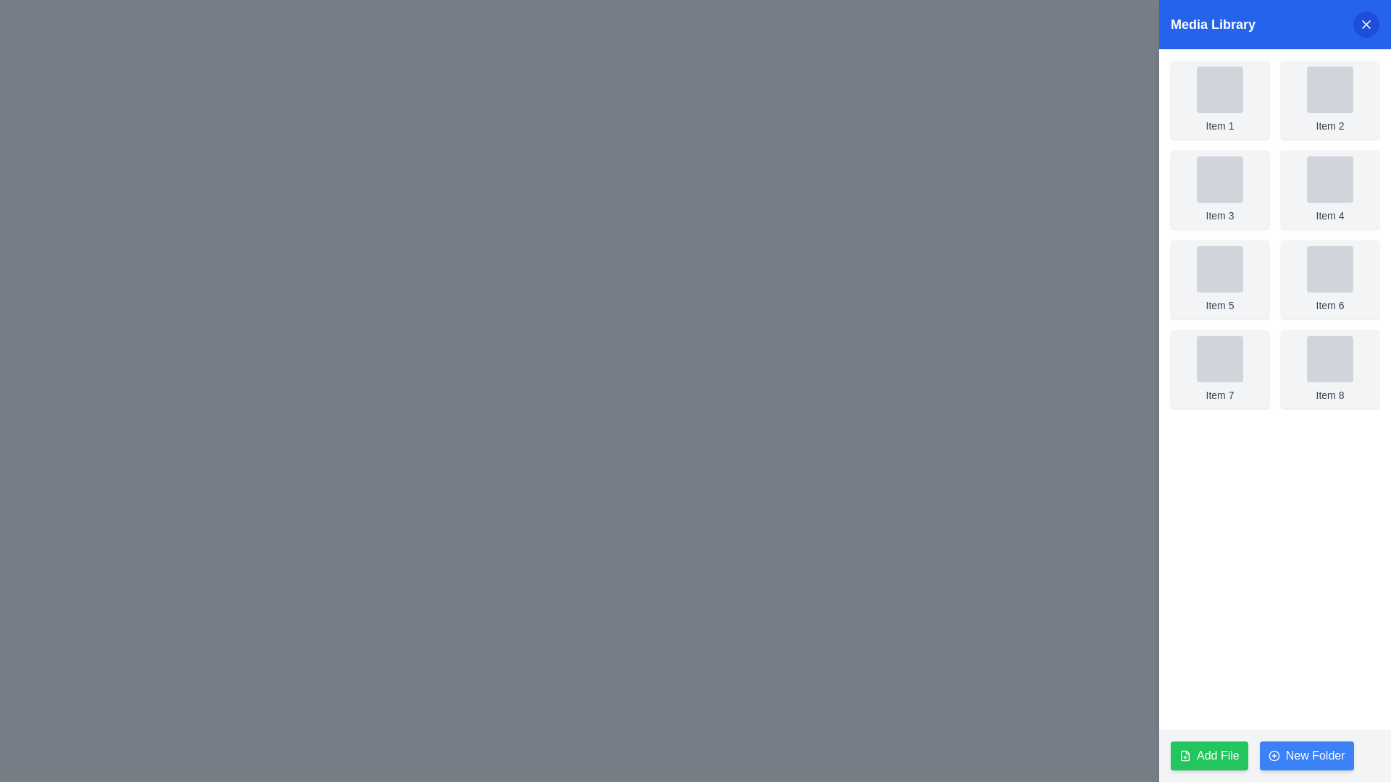 The image size is (1391, 782). I want to click on the leftmost icon representing folders or file directories located in the upper-right corner of the 'Media Library' header section, so click(1366, 17).